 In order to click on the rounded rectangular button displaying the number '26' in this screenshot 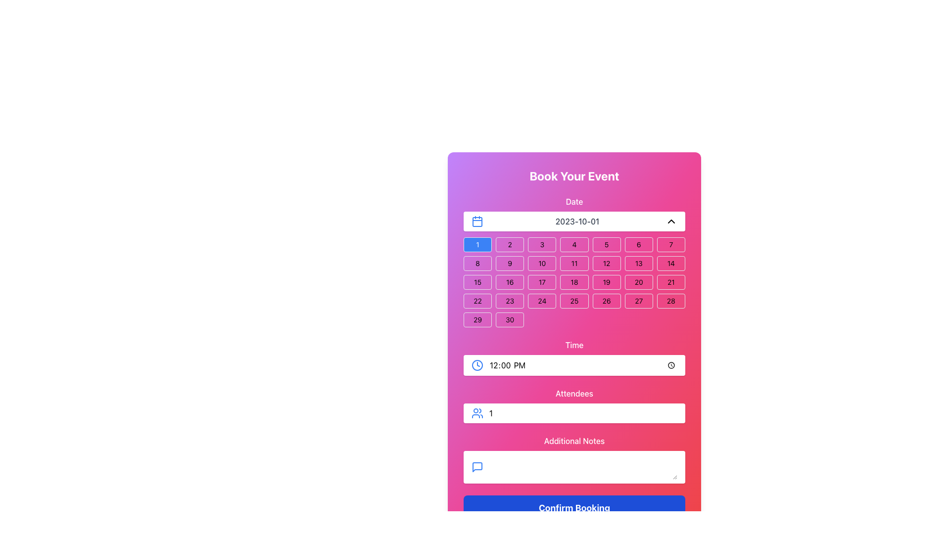, I will do `click(606, 301)`.